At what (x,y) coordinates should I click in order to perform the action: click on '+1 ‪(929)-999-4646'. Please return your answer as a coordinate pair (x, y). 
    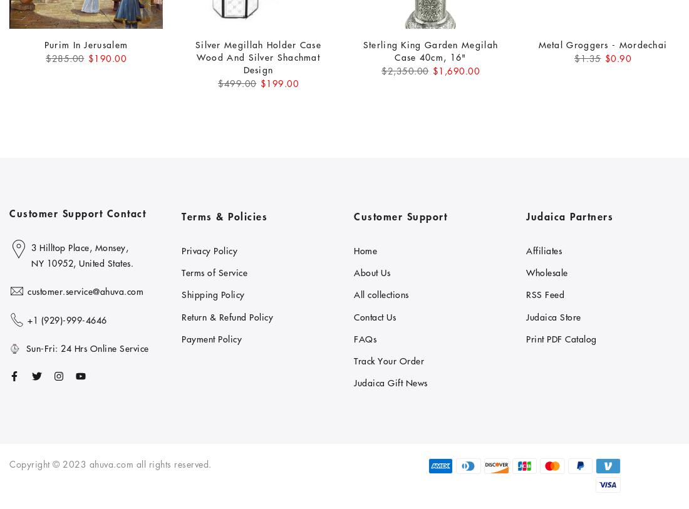
    Looking at the image, I should click on (67, 319).